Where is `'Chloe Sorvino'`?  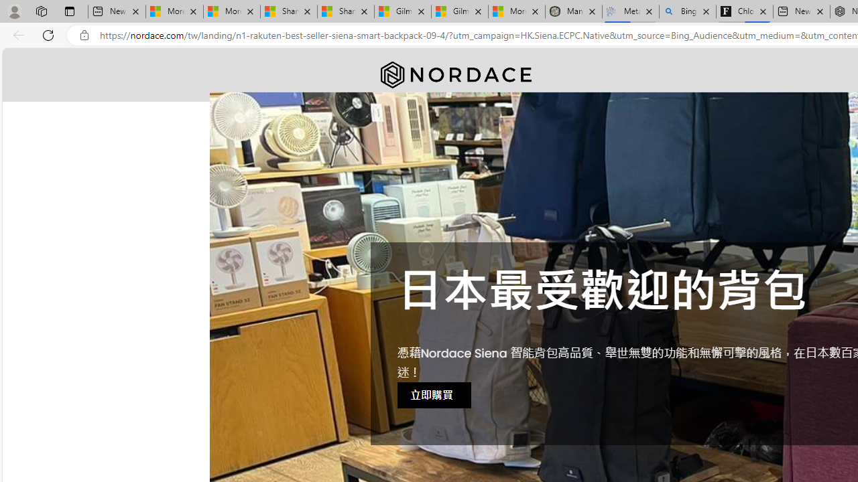 'Chloe Sorvino' is located at coordinates (744, 11).